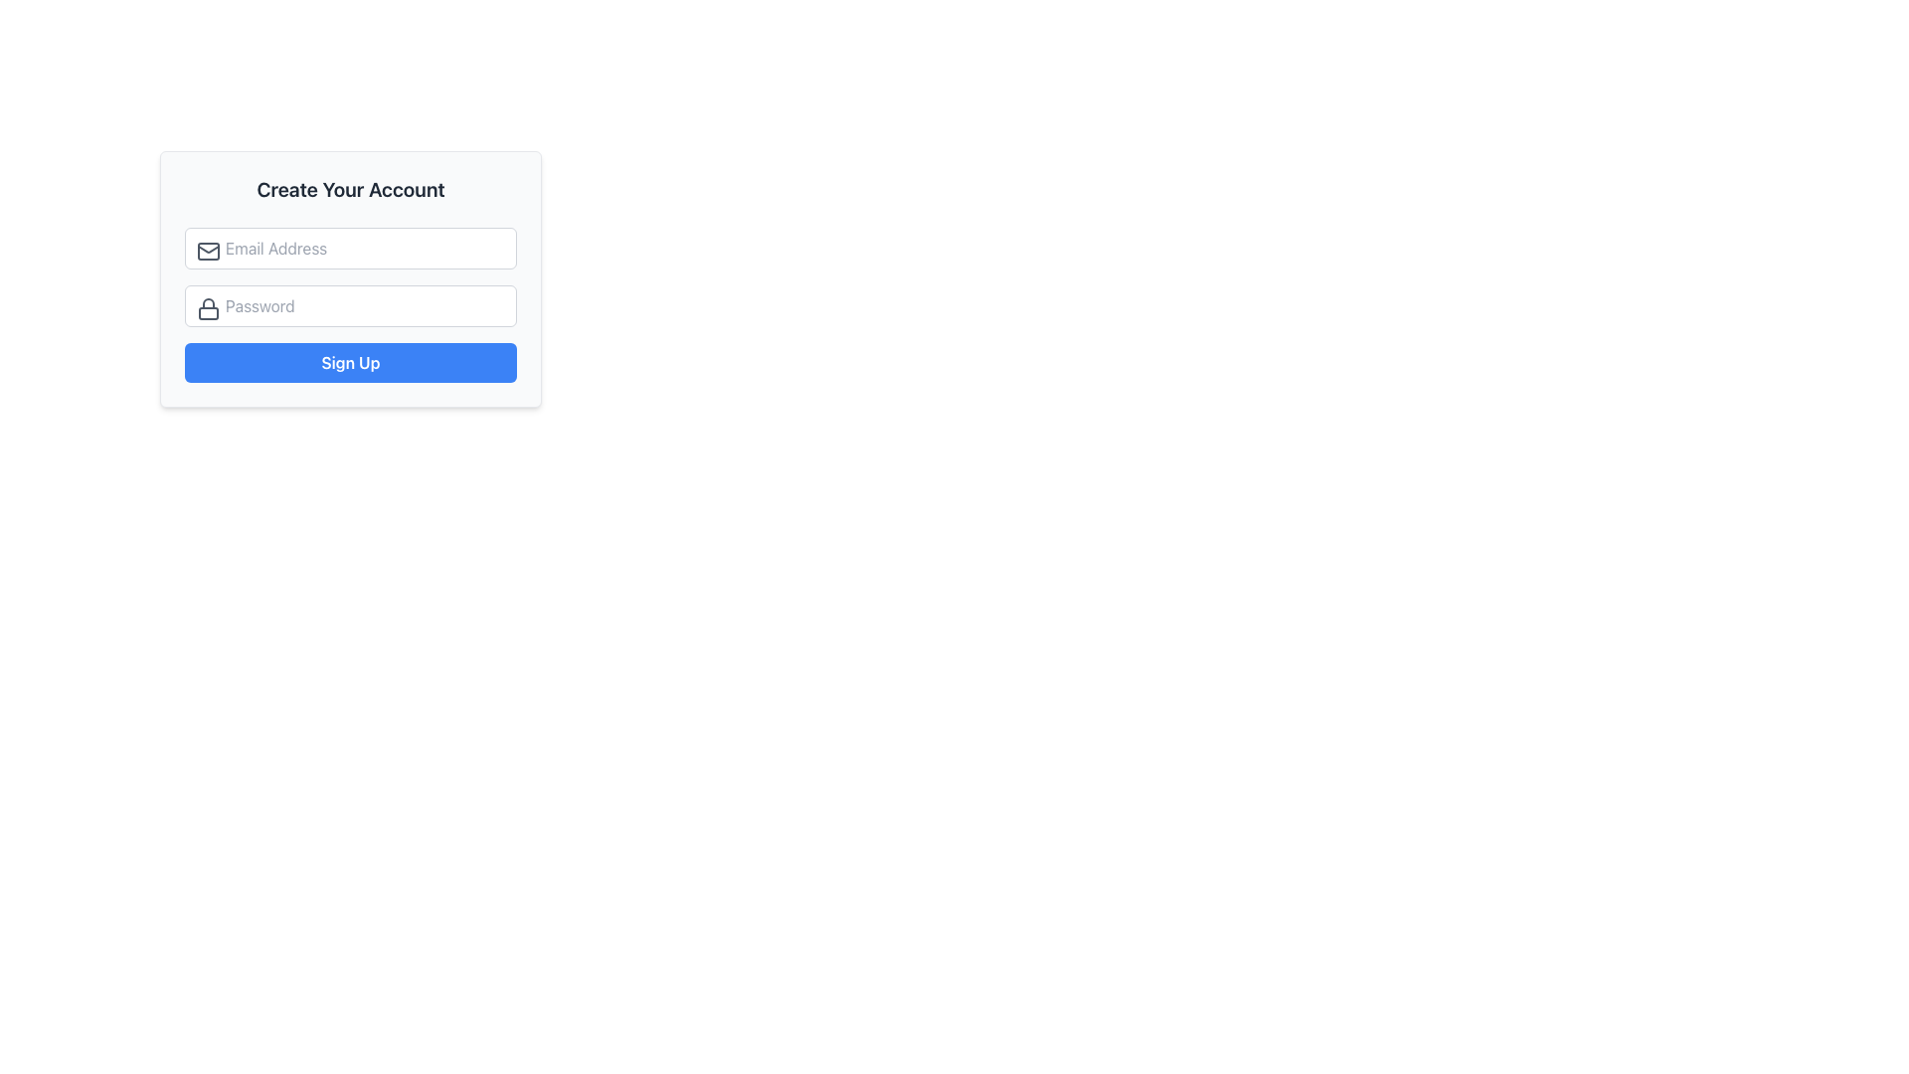 This screenshot has width=1909, height=1074. I want to click on the heading element that displays 'Create Your Account', which is prominently positioned at the top of the Sign-Up form card, so click(351, 190).